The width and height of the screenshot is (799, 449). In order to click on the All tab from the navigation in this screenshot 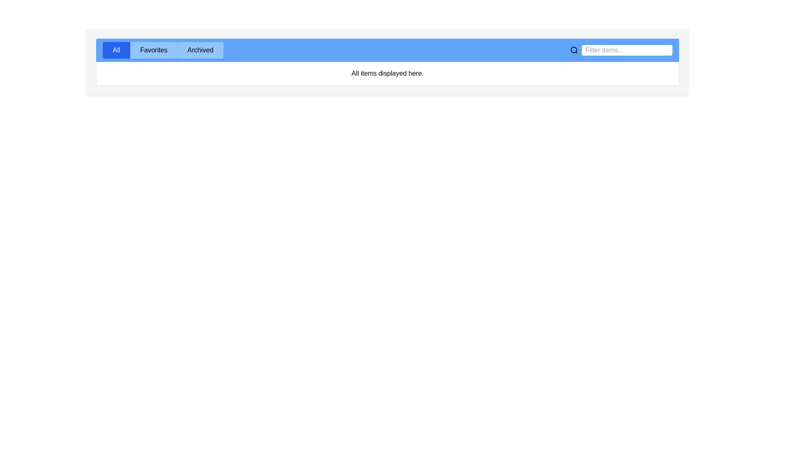, I will do `click(115, 50)`.